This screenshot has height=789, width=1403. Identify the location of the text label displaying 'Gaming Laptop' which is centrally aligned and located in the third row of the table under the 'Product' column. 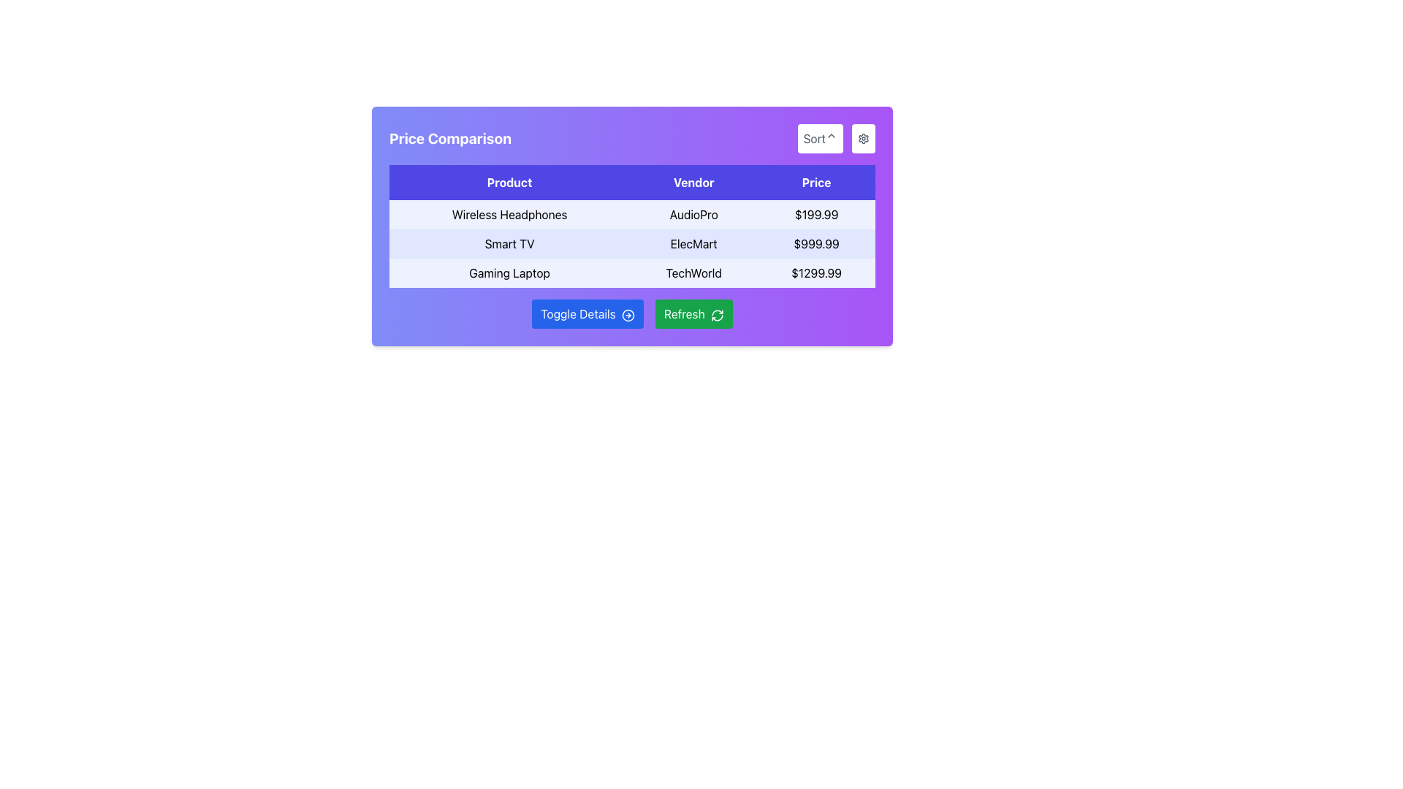
(509, 273).